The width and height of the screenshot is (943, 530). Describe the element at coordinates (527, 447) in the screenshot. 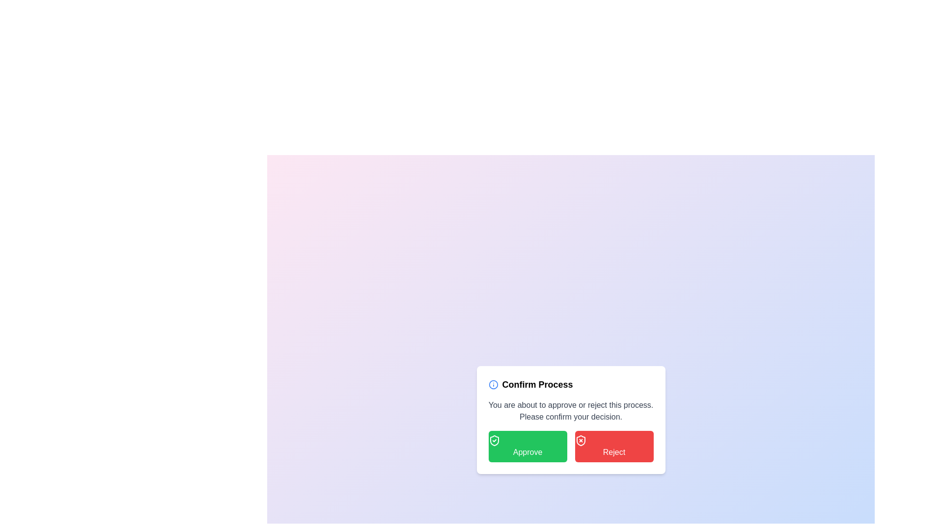

I see `the leftmost button labeled 'Approve' in the dialog box titled 'Confirm Process'` at that location.